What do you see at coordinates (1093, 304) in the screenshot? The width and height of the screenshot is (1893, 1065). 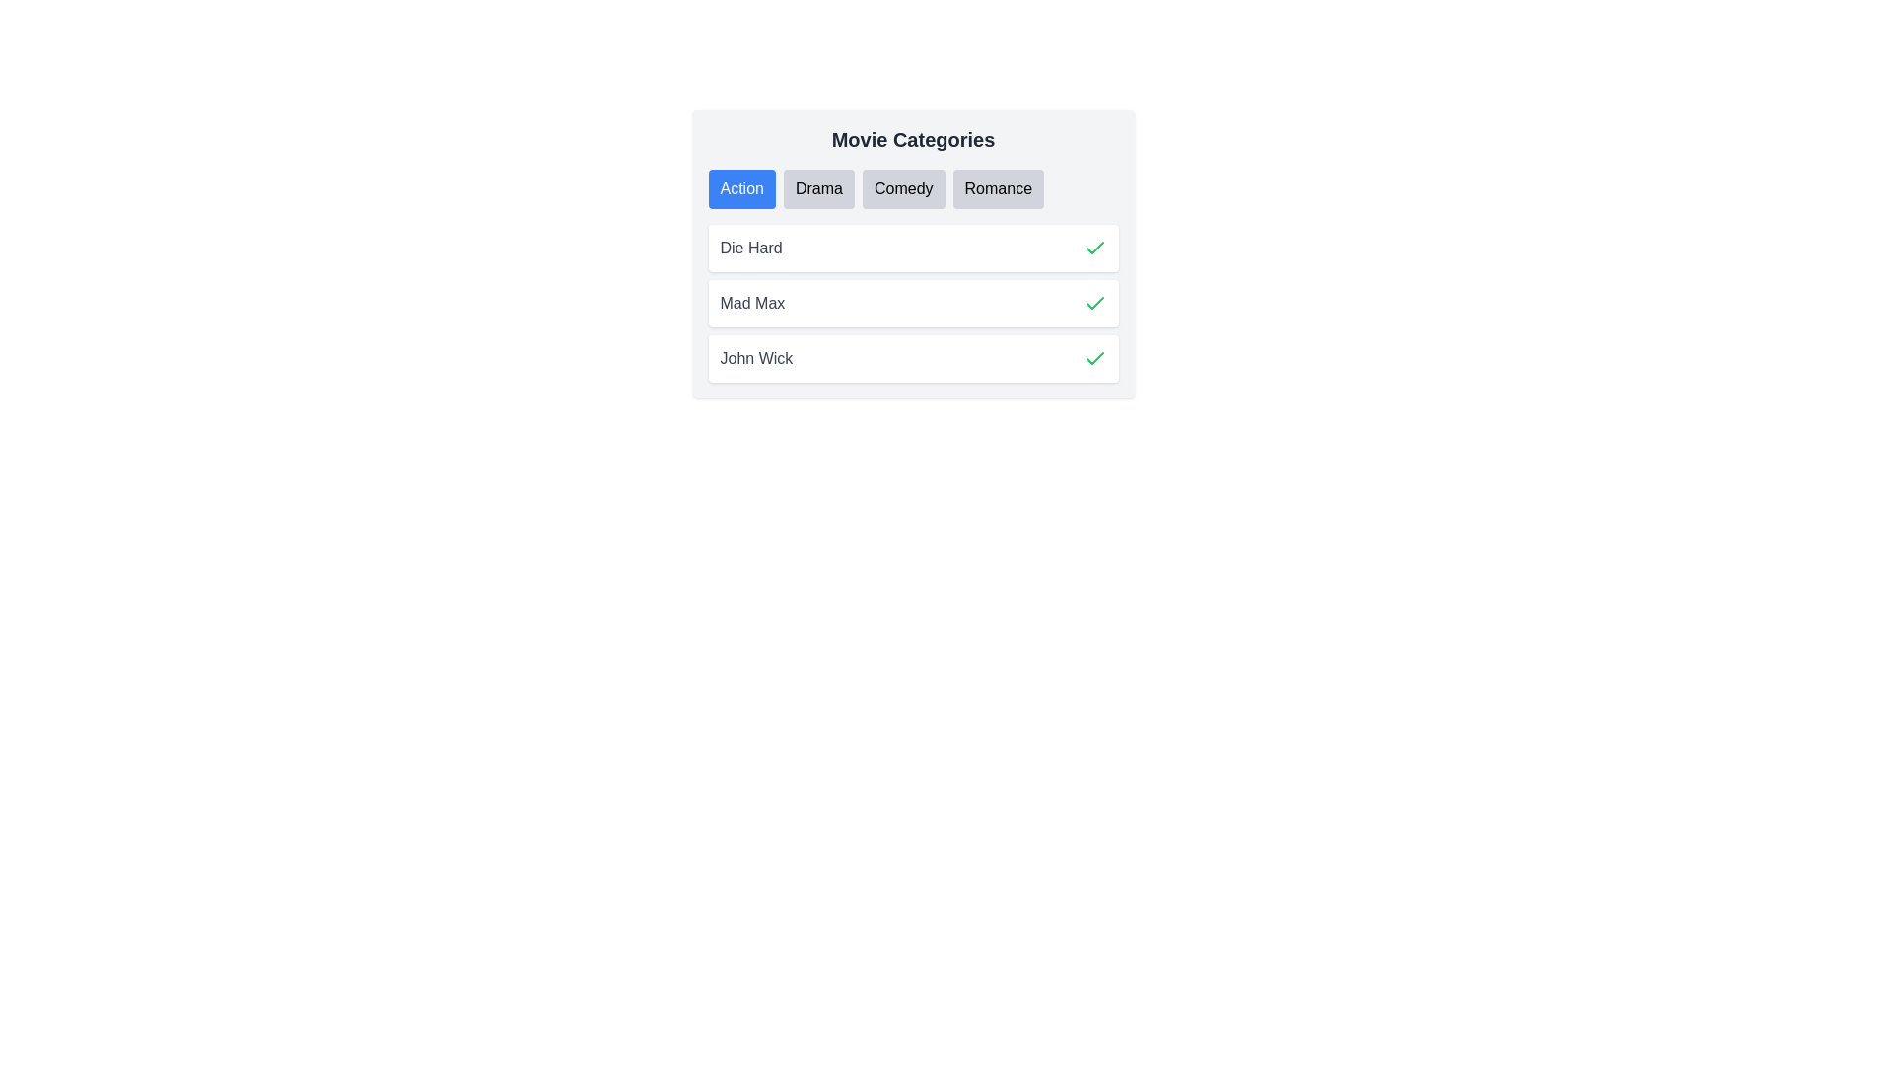 I see `the icon representing the selected state for the movie title 'Mad Max'` at bounding box center [1093, 304].